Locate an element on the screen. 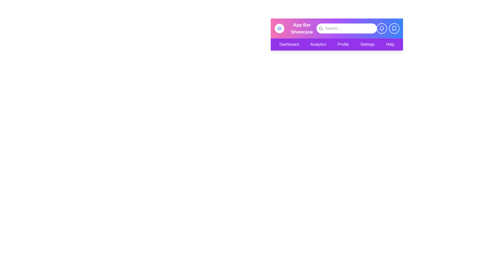  the menu toggle button to open or close the navigation menu is located at coordinates (279, 28).